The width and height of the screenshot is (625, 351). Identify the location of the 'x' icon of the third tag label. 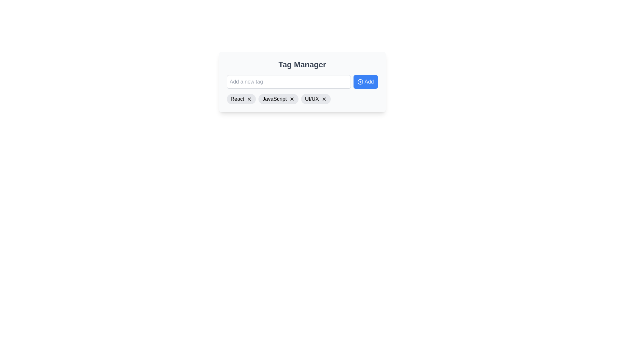
(316, 99).